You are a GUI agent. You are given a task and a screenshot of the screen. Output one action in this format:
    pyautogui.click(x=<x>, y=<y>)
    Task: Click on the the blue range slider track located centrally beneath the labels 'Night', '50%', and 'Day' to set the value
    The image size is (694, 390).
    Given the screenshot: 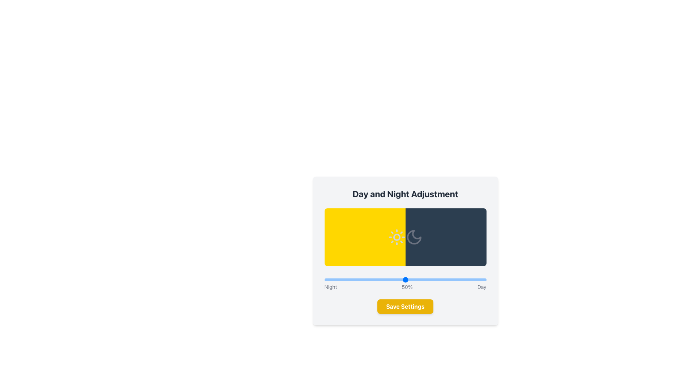 What is the action you would take?
    pyautogui.click(x=405, y=279)
    